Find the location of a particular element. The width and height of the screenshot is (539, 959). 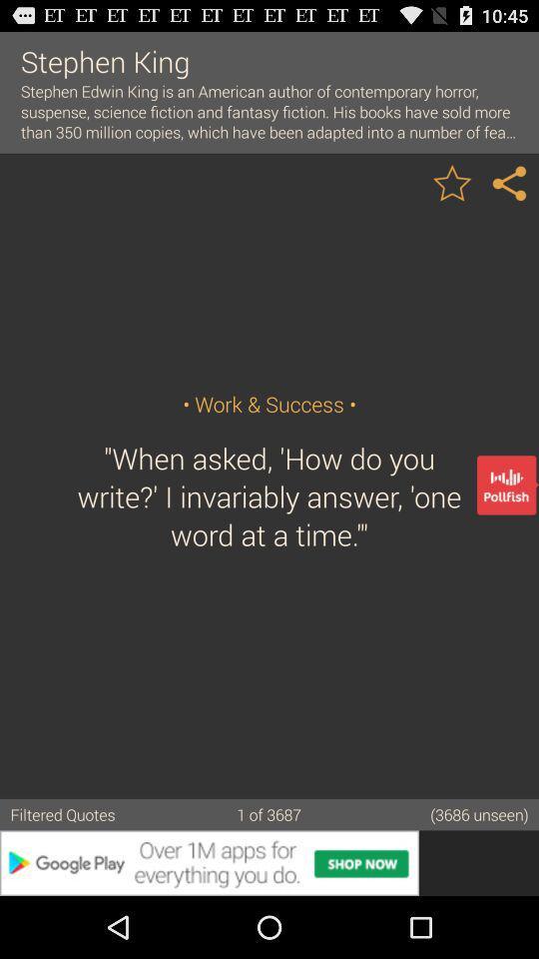

brilliant quotes best photo quotes top sayings is located at coordinates (510, 182).